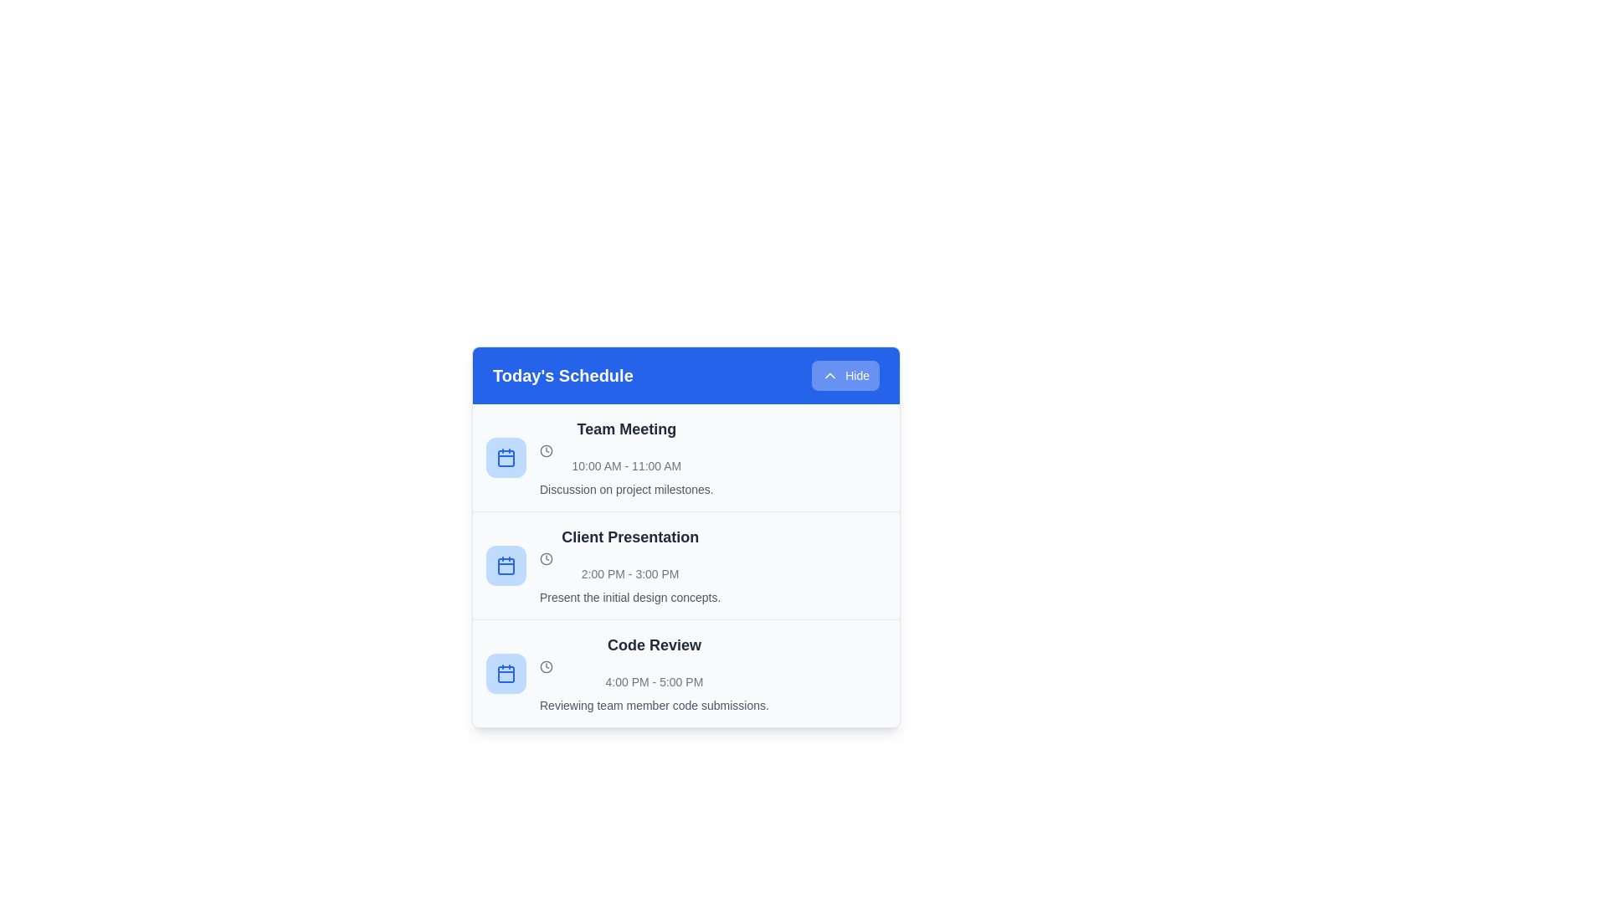 The width and height of the screenshot is (1607, 904). Describe the element at coordinates (546, 558) in the screenshot. I see `the outer circular boundary of the clock icon, which is located in the second row of the schedule list next to the 'Client Presentation' time and title` at that location.